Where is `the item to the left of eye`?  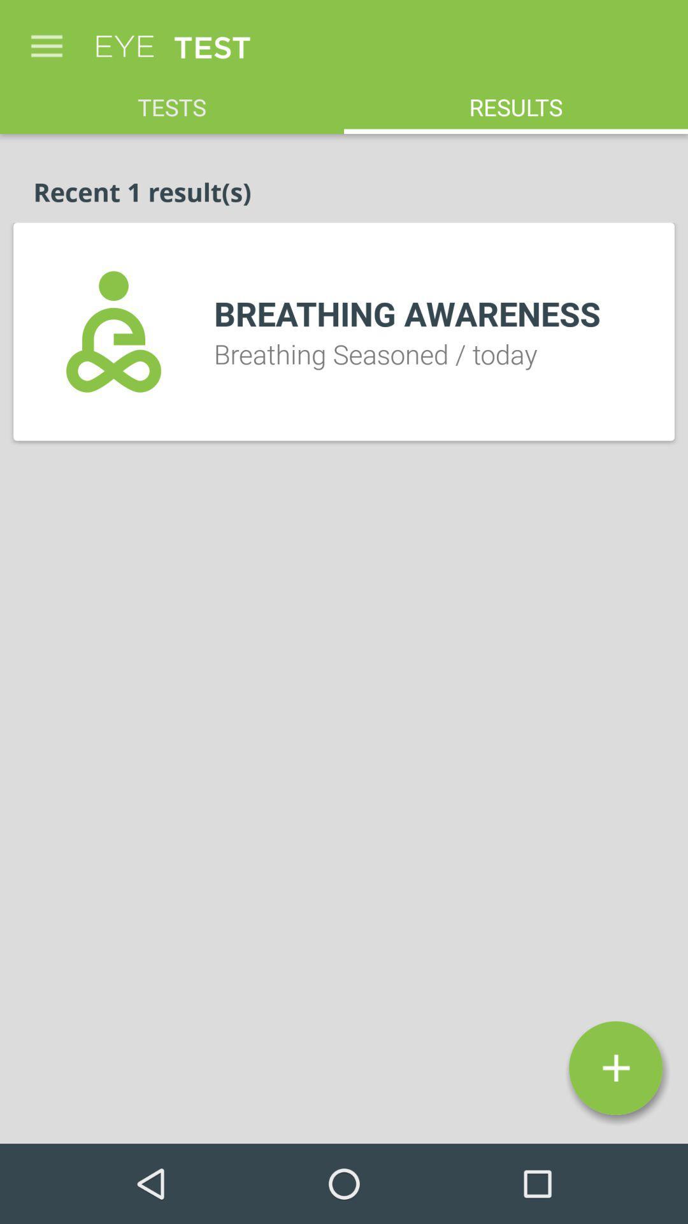
the item to the left of eye is located at coordinates (46, 40).